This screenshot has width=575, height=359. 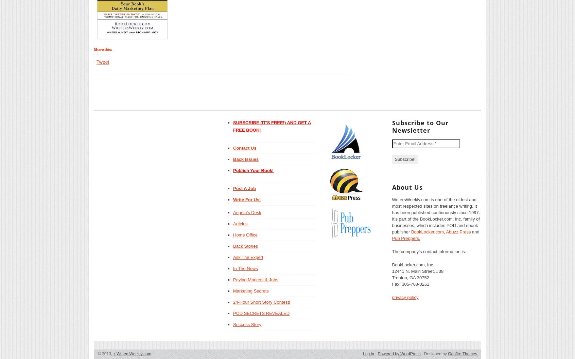 I want to click on 'BookLocker.com', so click(x=427, y=231).